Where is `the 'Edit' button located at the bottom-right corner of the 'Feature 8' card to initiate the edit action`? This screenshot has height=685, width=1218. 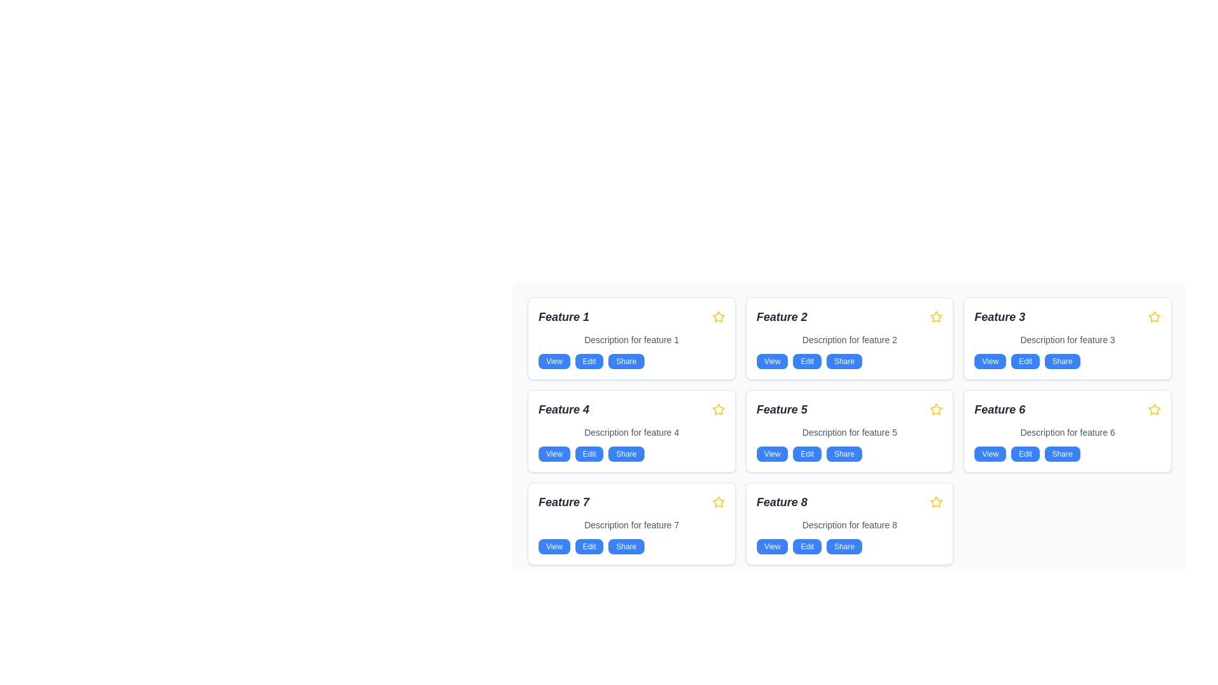 the 'Edit' button located at the bottom-right corner of the 'Feature 8' card to initiate the edit action is located at coordinates (806, 545).